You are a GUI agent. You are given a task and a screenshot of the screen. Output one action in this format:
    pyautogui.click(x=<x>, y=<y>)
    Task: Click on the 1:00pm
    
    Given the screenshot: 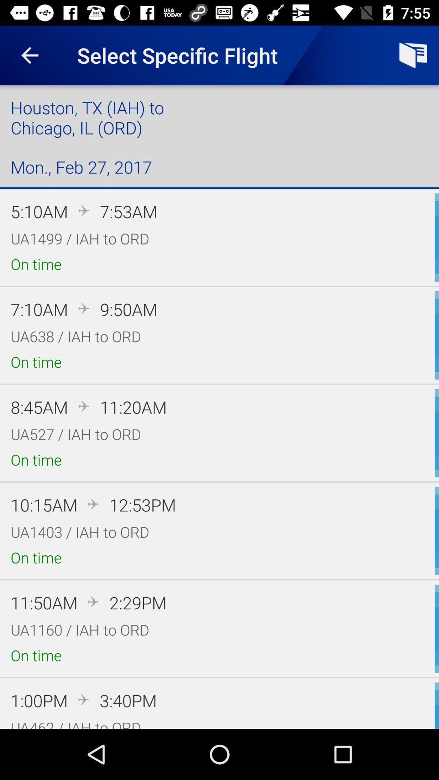 What is the action you would take?
    pyautogui.click(x=39, y=700)
    